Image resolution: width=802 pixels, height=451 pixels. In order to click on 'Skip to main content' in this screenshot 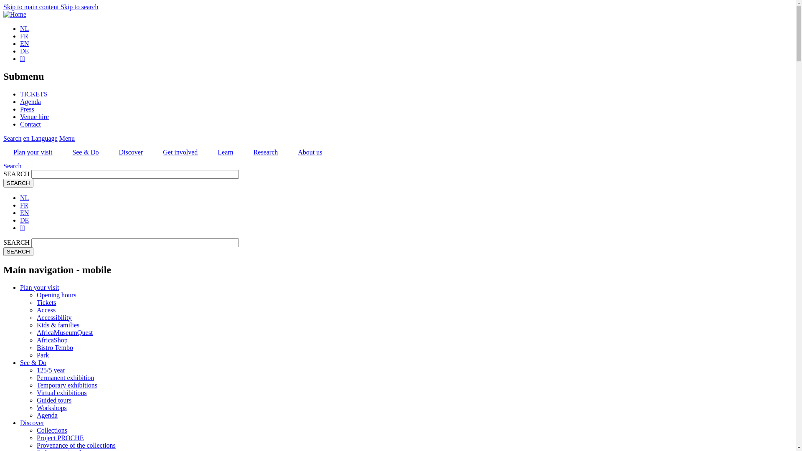, I will do `click(3, 7)`.